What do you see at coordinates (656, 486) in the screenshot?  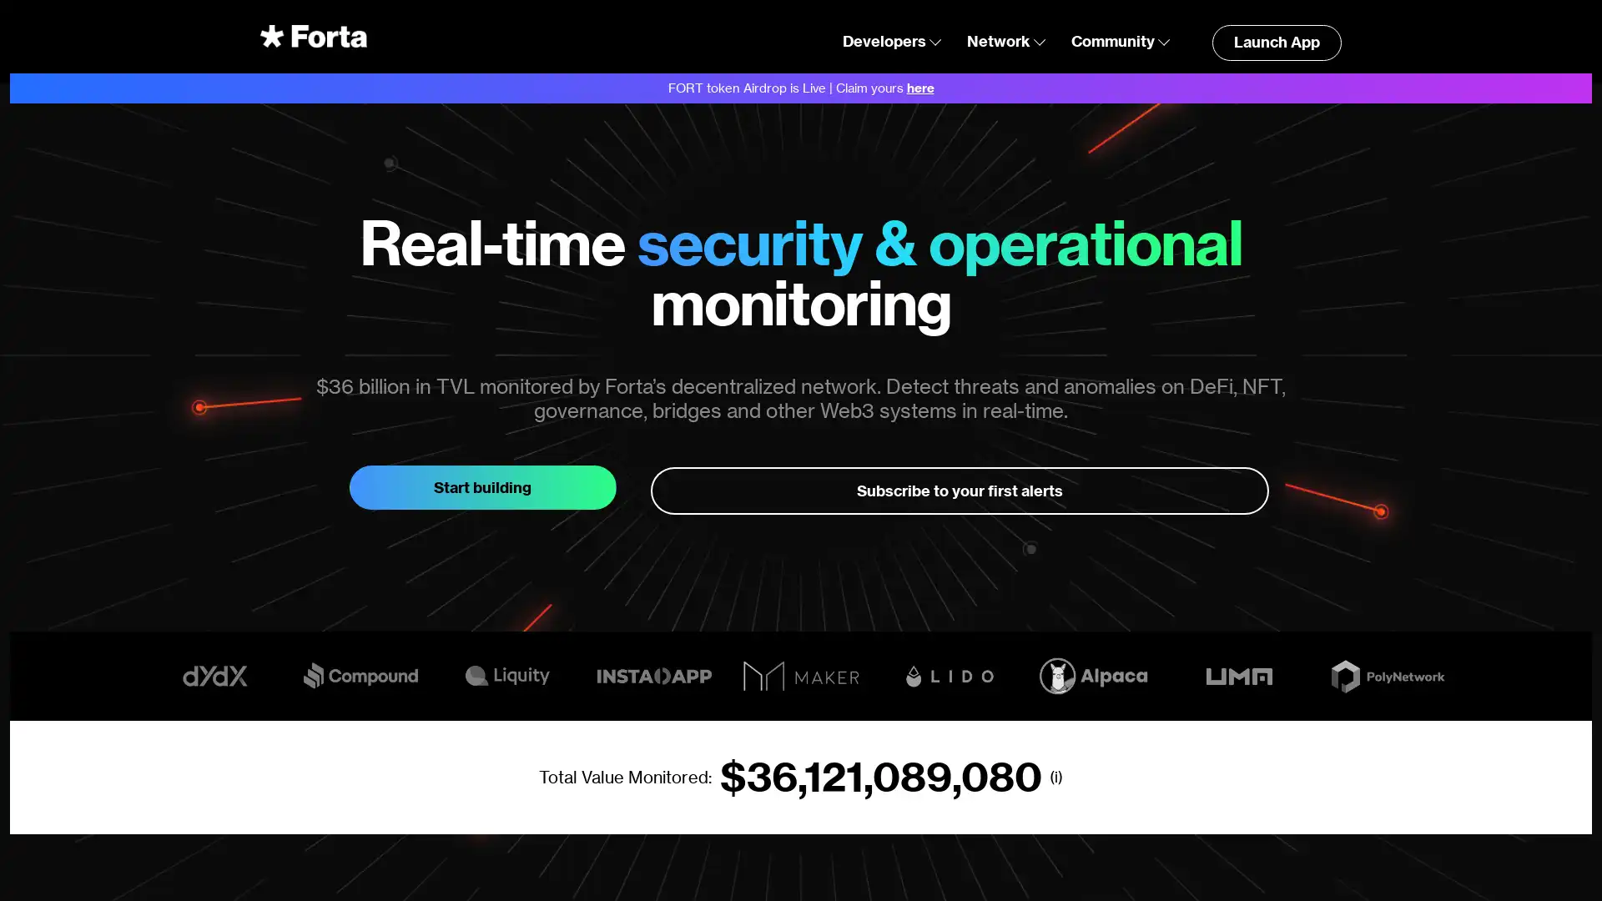 I see `Start building` at bounding box center [656, 486].